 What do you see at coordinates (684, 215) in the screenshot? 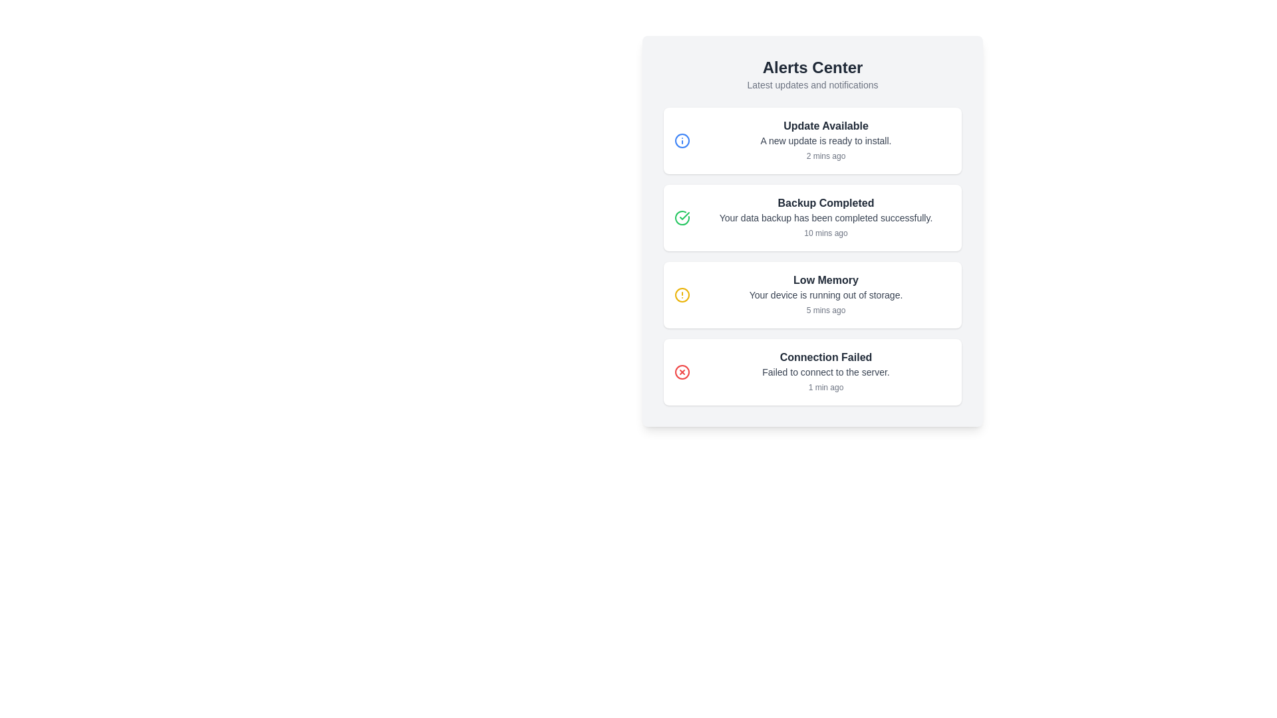
I see `the green checkmark symbol inside the circular icon next to the 'Backup Completed' text in the second alert item of the notification center` at bounding box center [684, 215].